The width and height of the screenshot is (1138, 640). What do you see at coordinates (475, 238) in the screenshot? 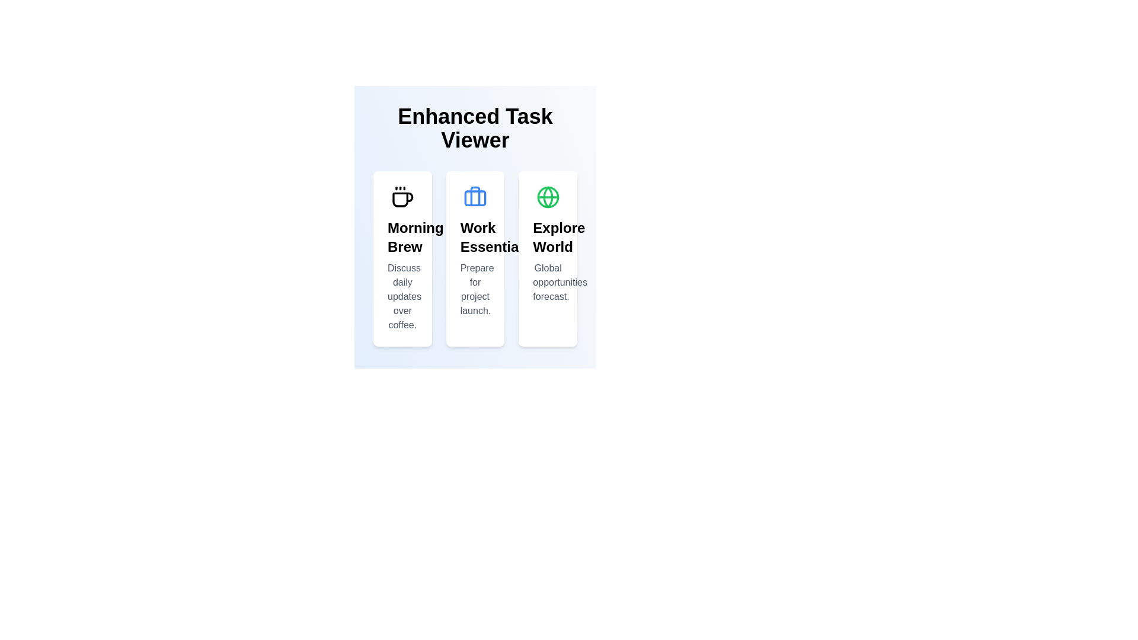
I see `the 'Work Essentials' text label, which is in bold font and serves as a title in the middle column of the layout` at bounding box center [475, 238].